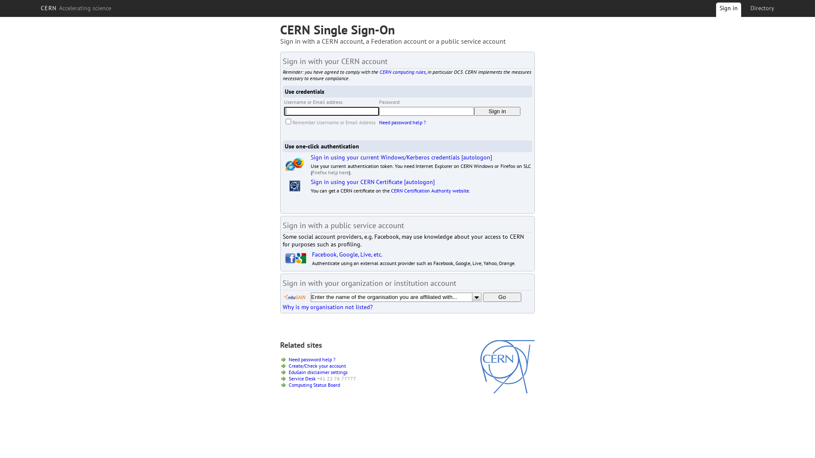  I want to click on 'Enter your Username or Email Address', so click(331, 111).